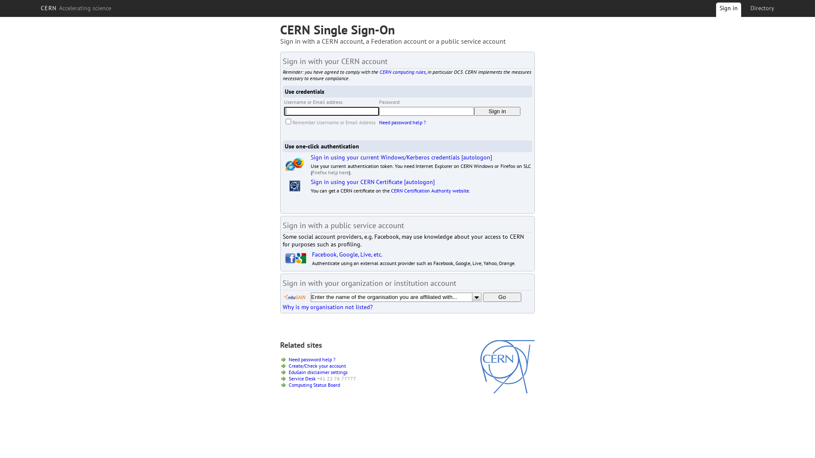  I want to click on 'Enter your Username or Email Address', so click(331, 111).